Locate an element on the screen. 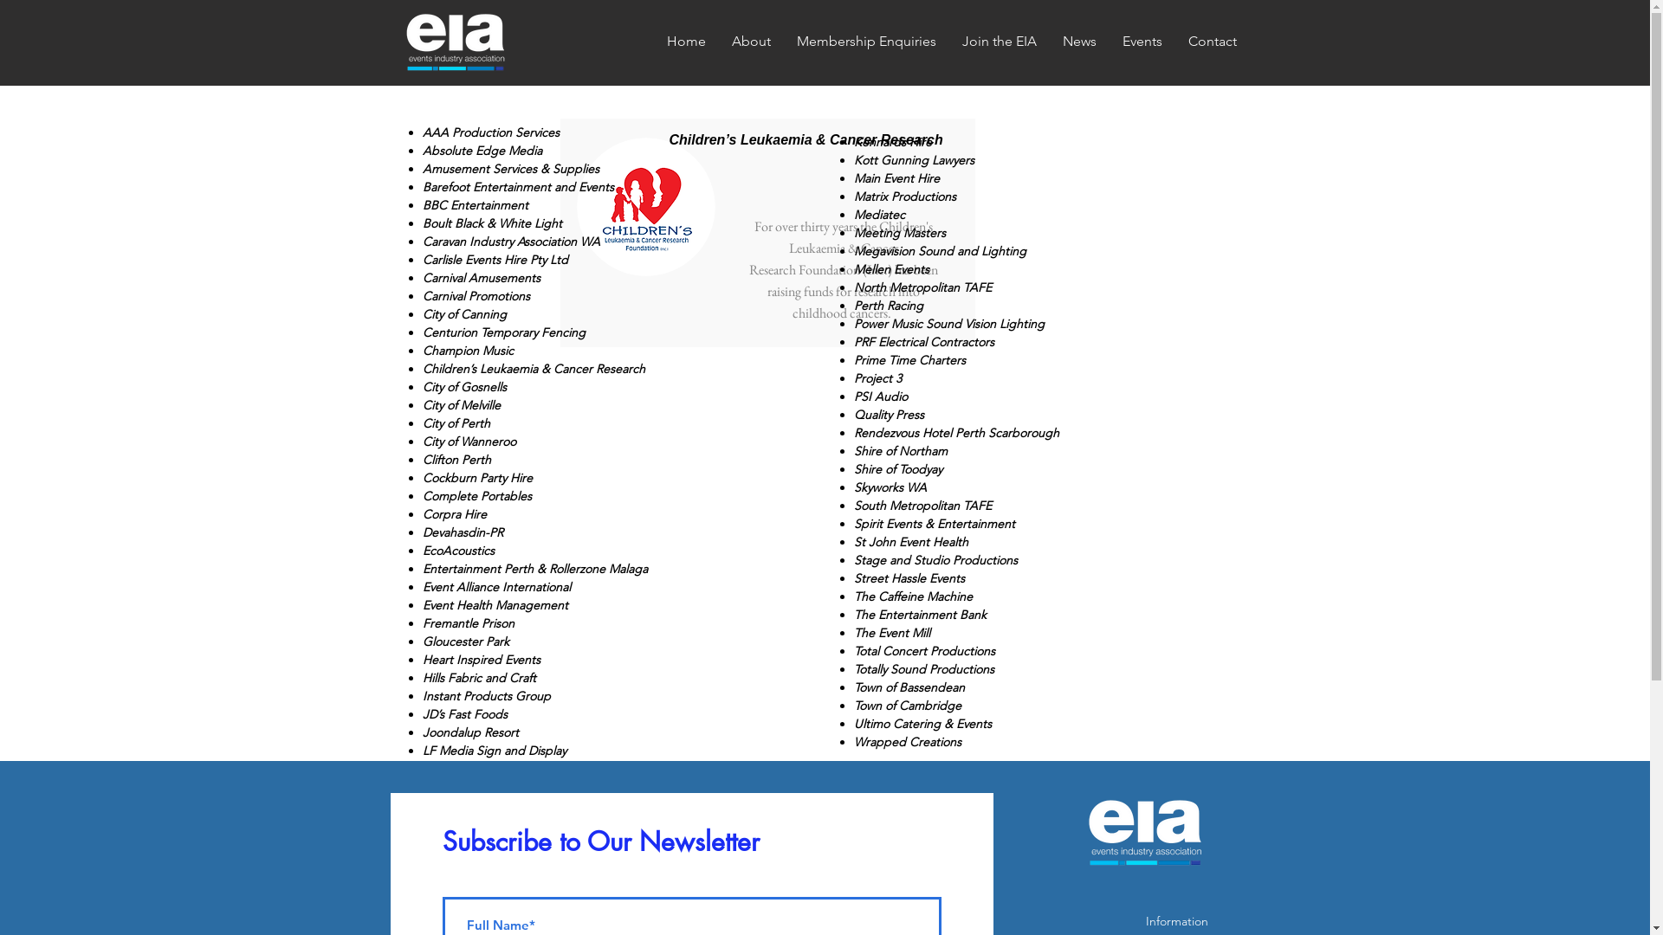  'The Caffeine Machine' is located at coordinates (912, 596).